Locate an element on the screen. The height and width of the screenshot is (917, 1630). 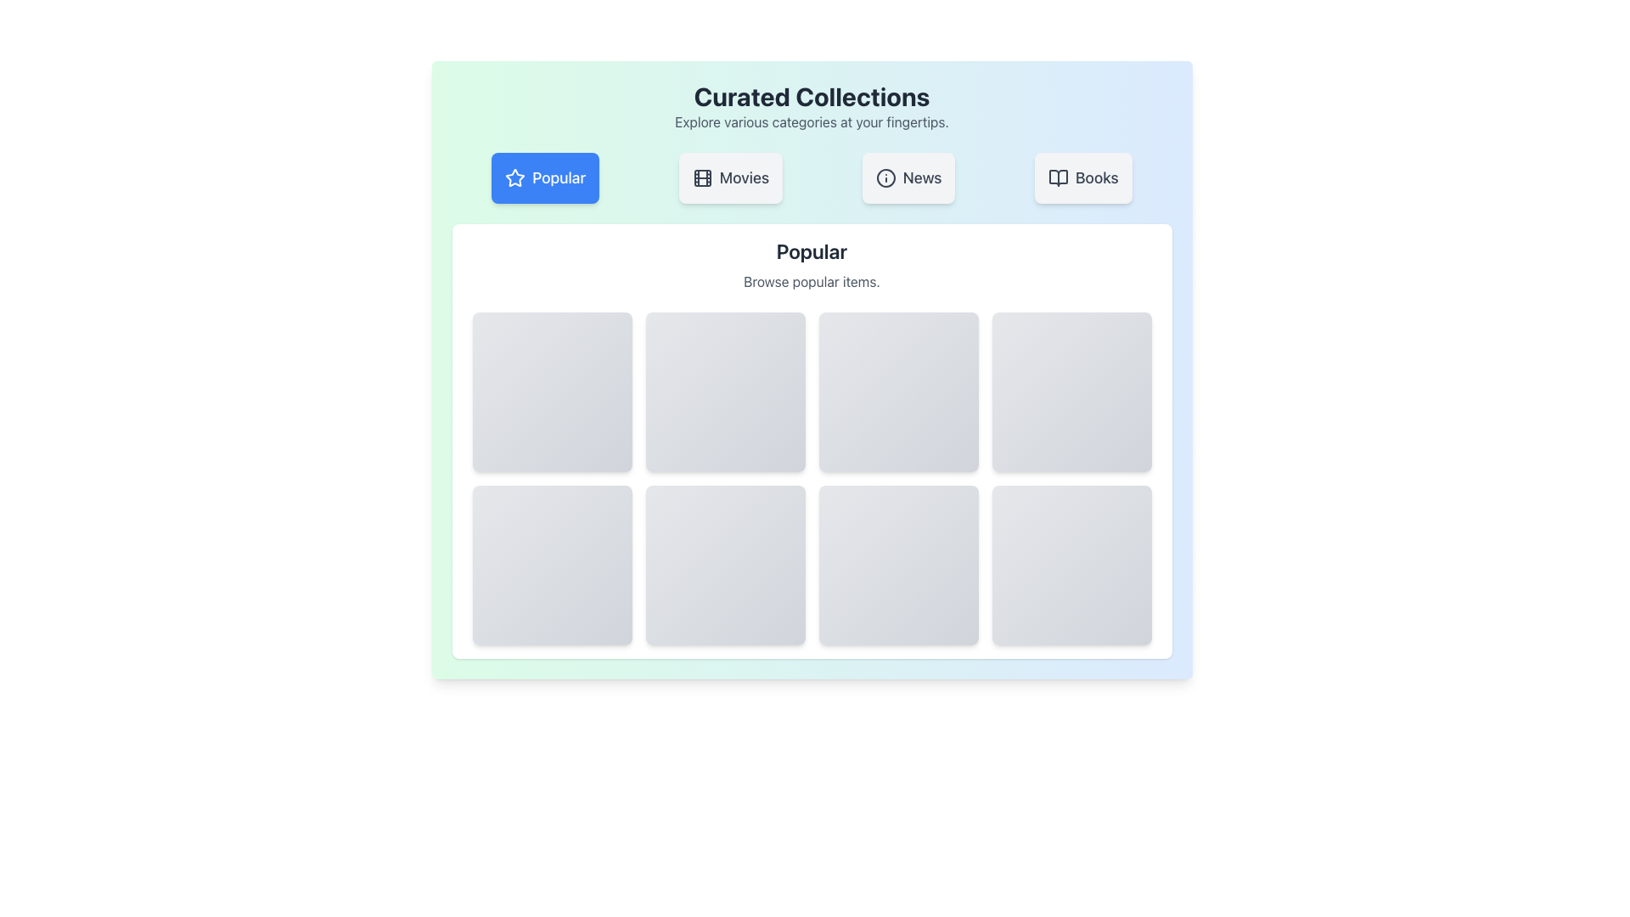
the navigation button labeled 'News' which contains a text label and an information icon is located at coordinates (921, 177).